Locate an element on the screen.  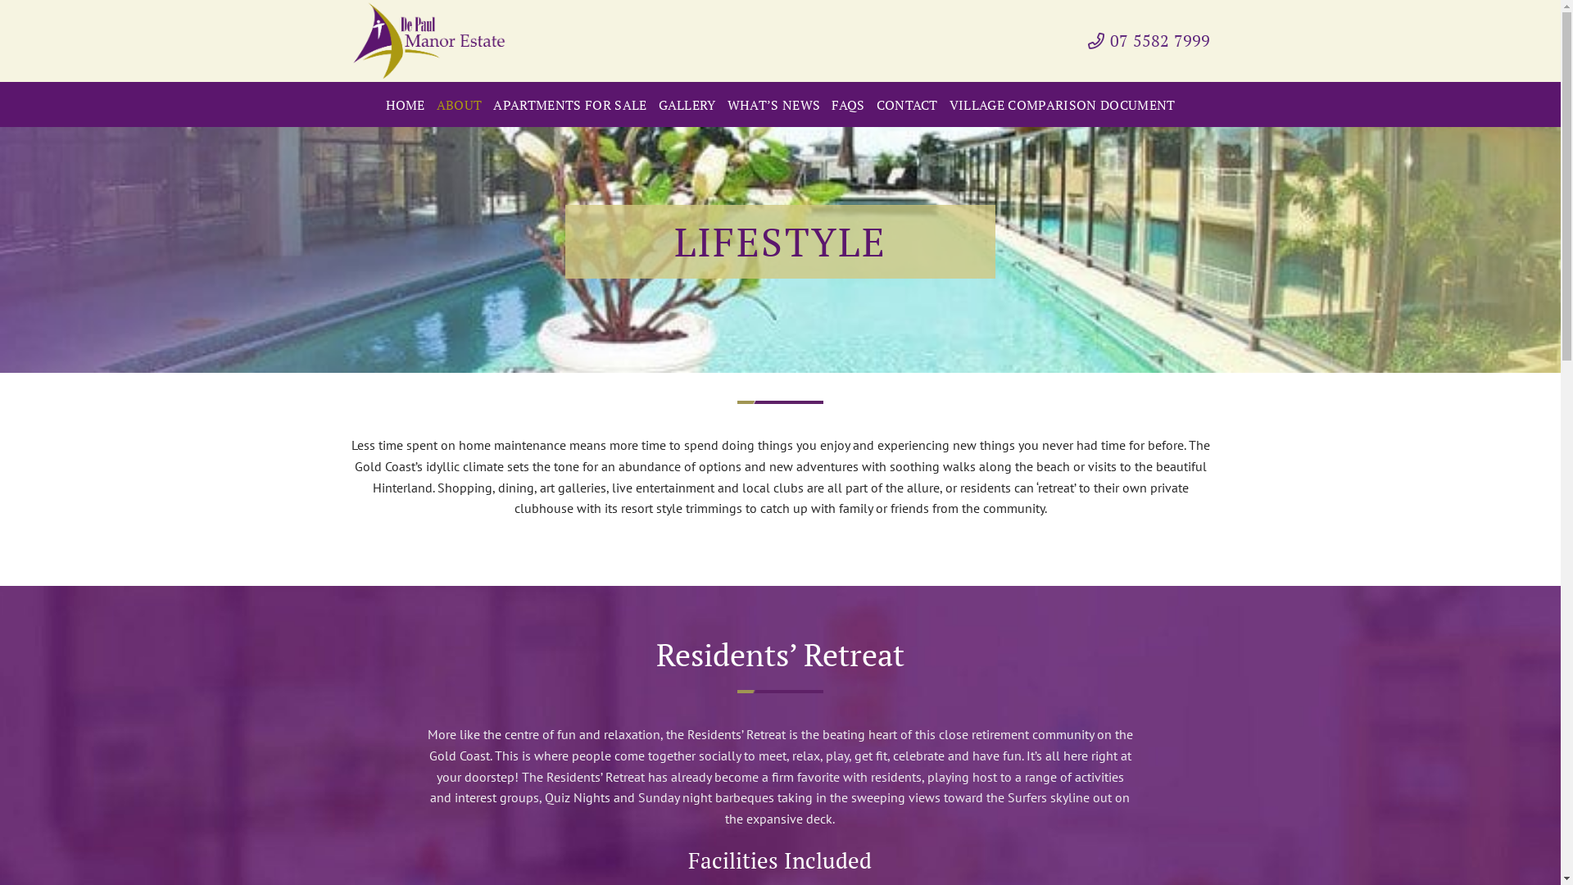
'HOME' is located at coordinates (405, 104).